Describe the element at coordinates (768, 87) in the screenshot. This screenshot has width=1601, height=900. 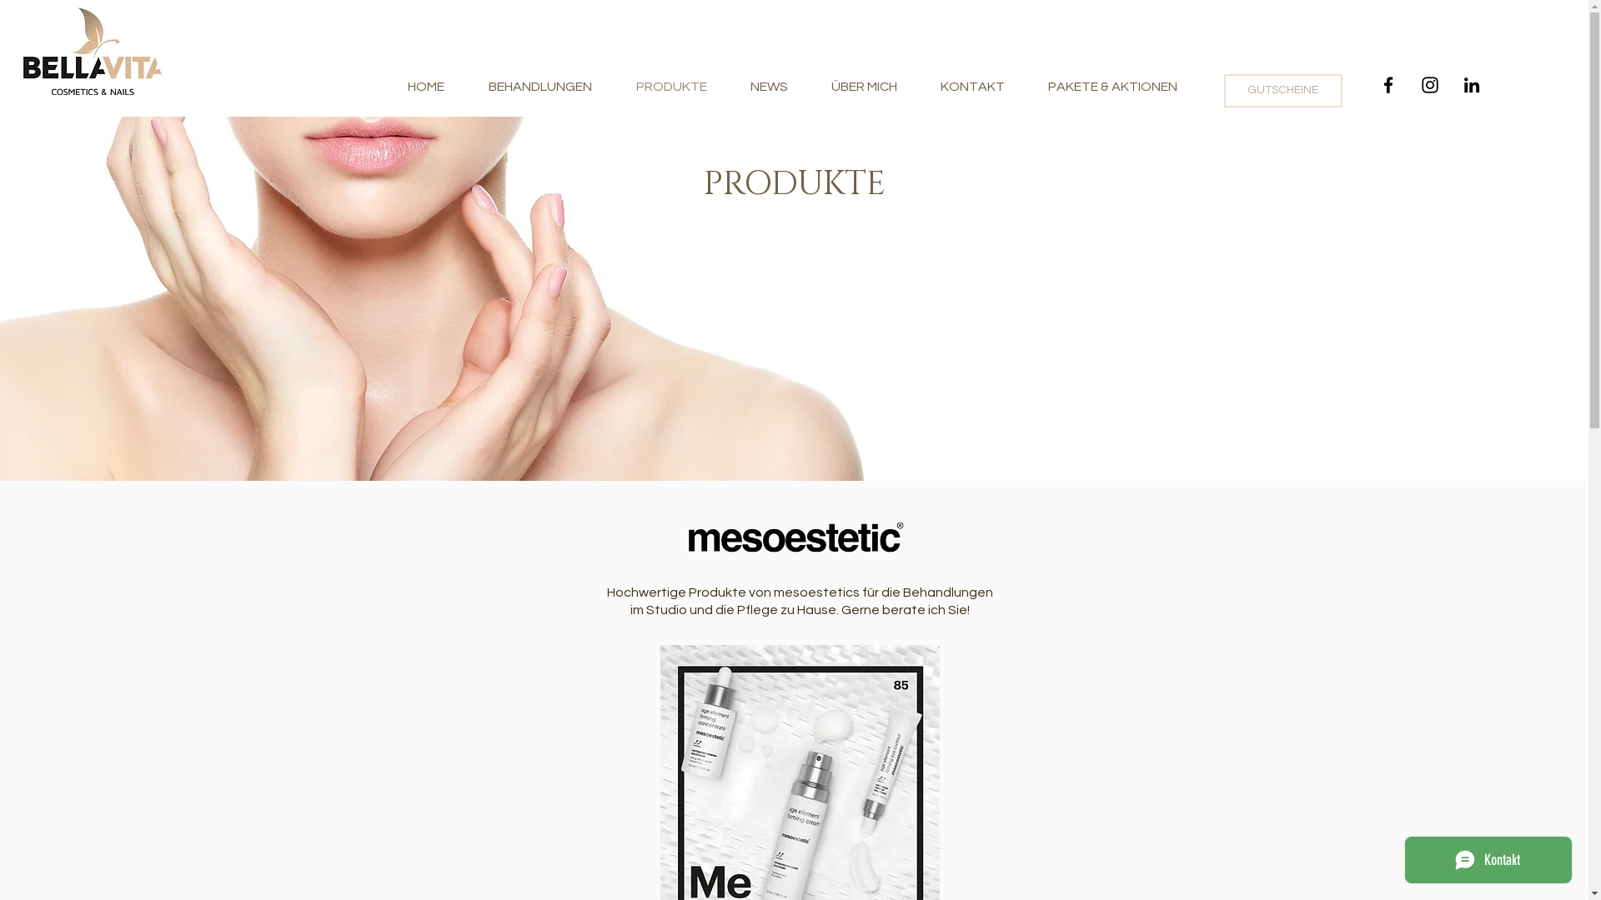
I see `'NEWS'` at that location.